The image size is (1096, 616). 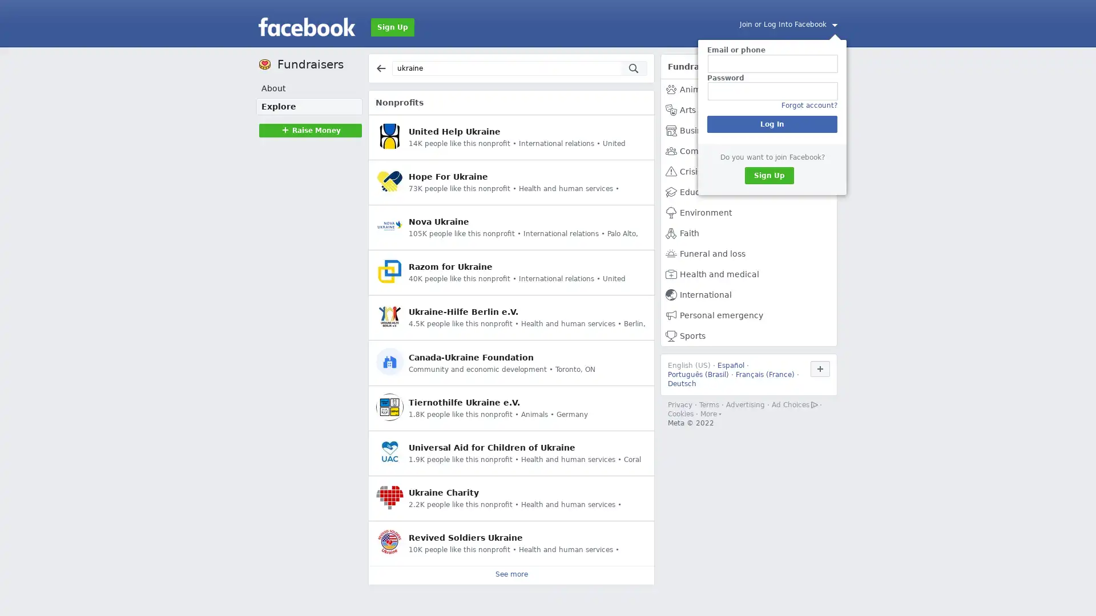 What do you see at coordinates (819, 369) in the screenshot?
I see `Use Facebook in another language.` at bounding box center [819, 369].